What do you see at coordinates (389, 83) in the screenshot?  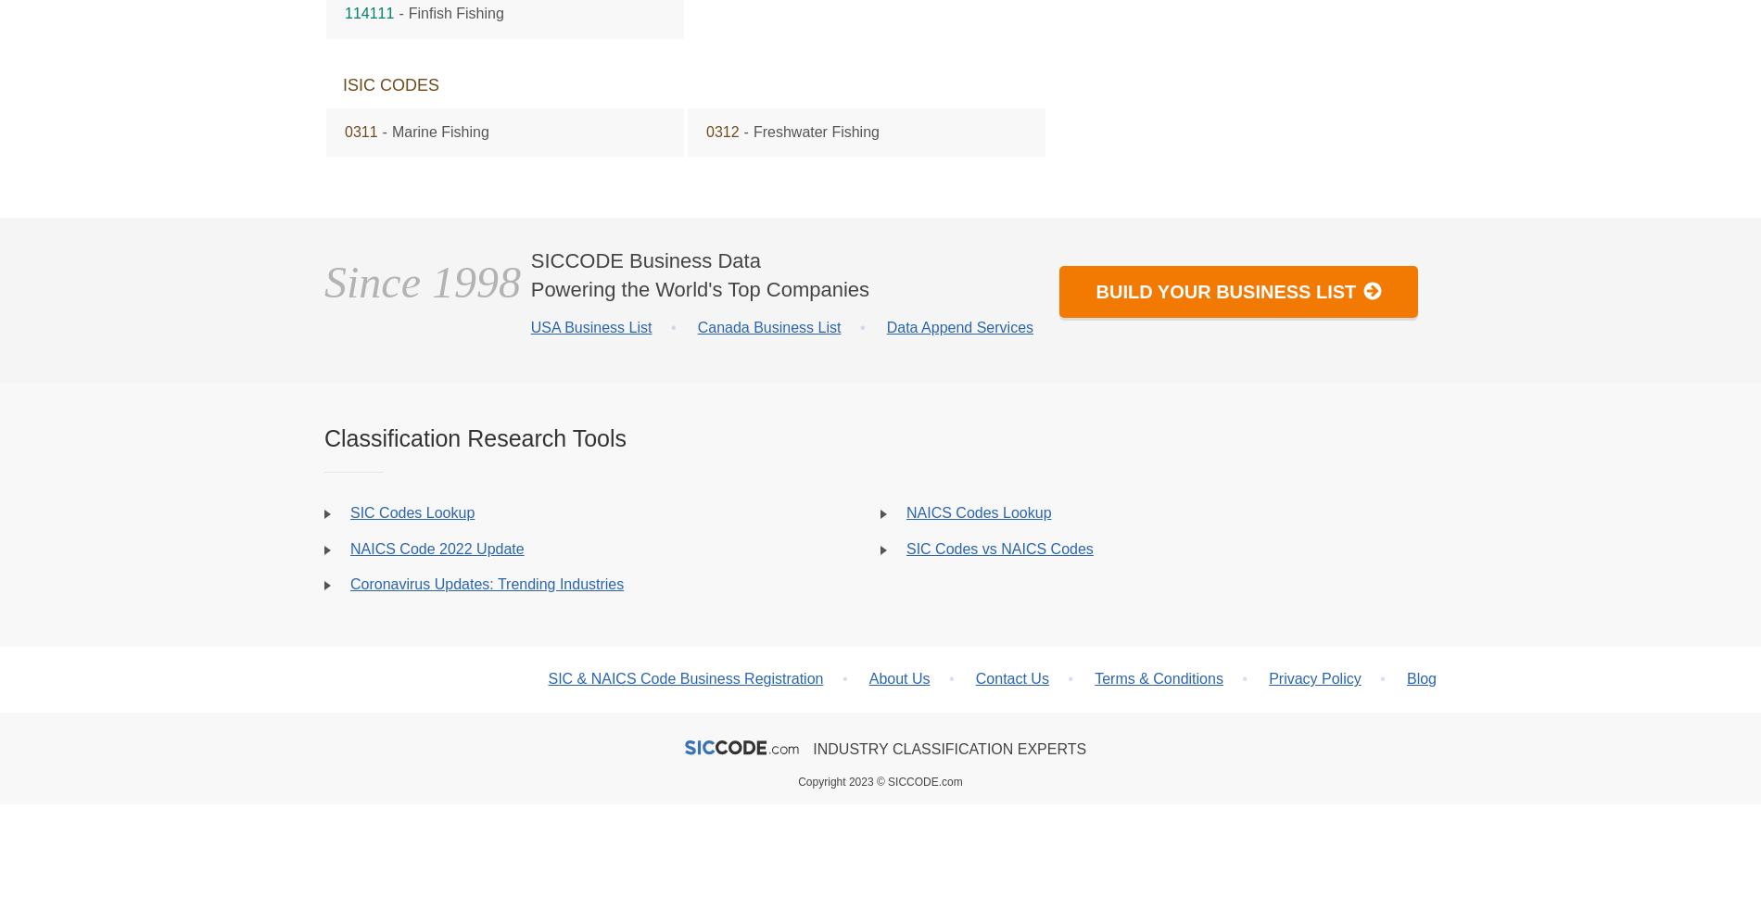 I see `'ISIC Codes'` at bounding box center [389, 83].